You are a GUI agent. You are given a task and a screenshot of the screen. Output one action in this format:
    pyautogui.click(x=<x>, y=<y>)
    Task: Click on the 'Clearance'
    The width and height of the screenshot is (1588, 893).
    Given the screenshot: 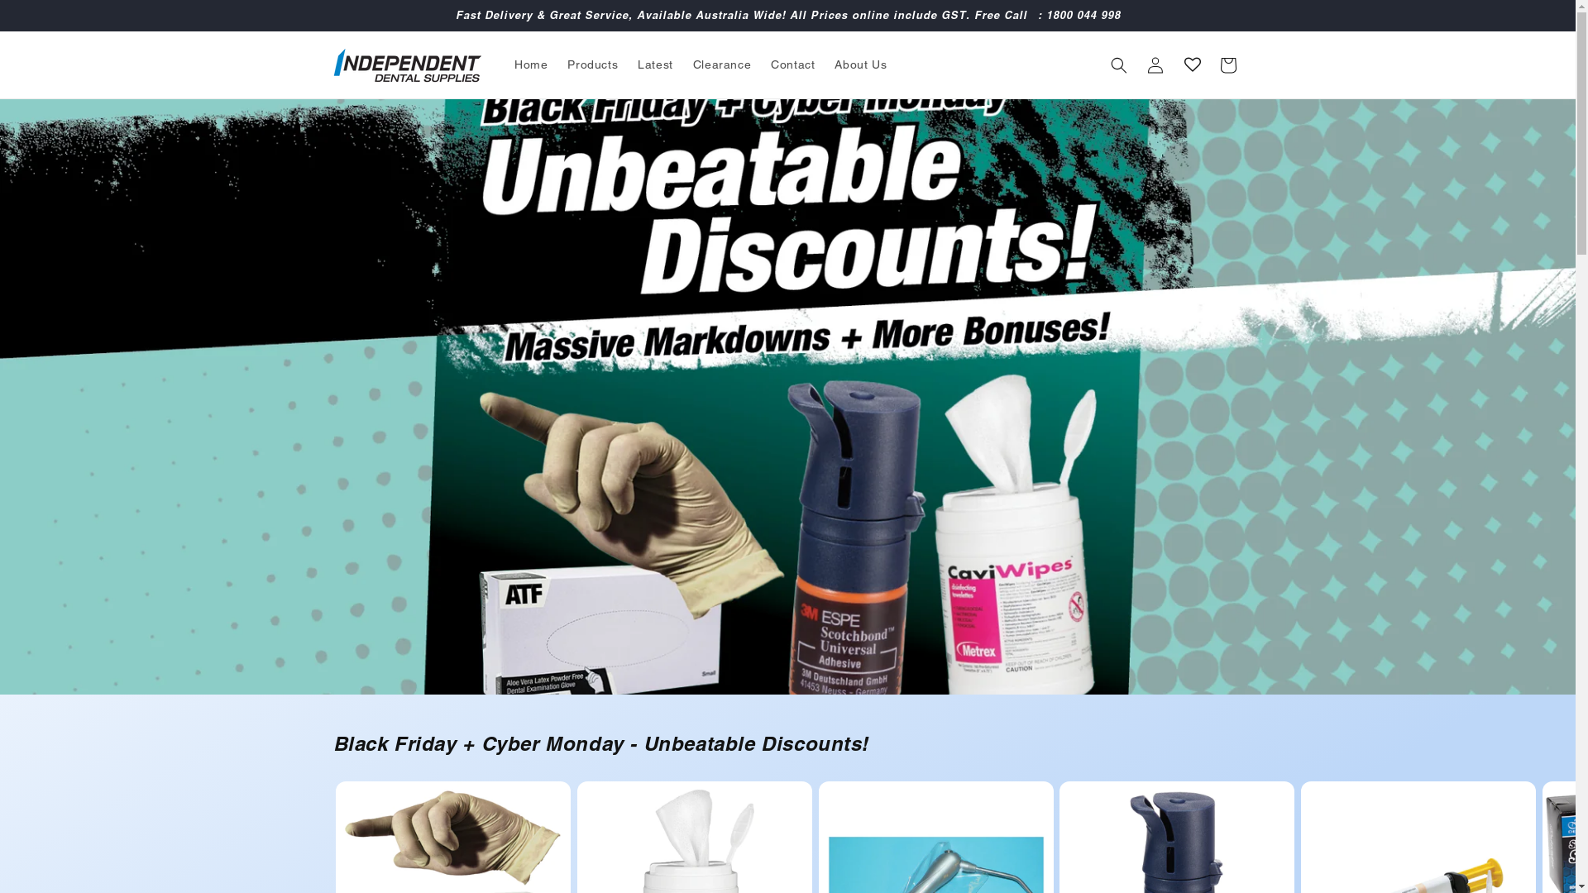 What is the action you would take?
    pyautogui.click(x=682, y=63)
    